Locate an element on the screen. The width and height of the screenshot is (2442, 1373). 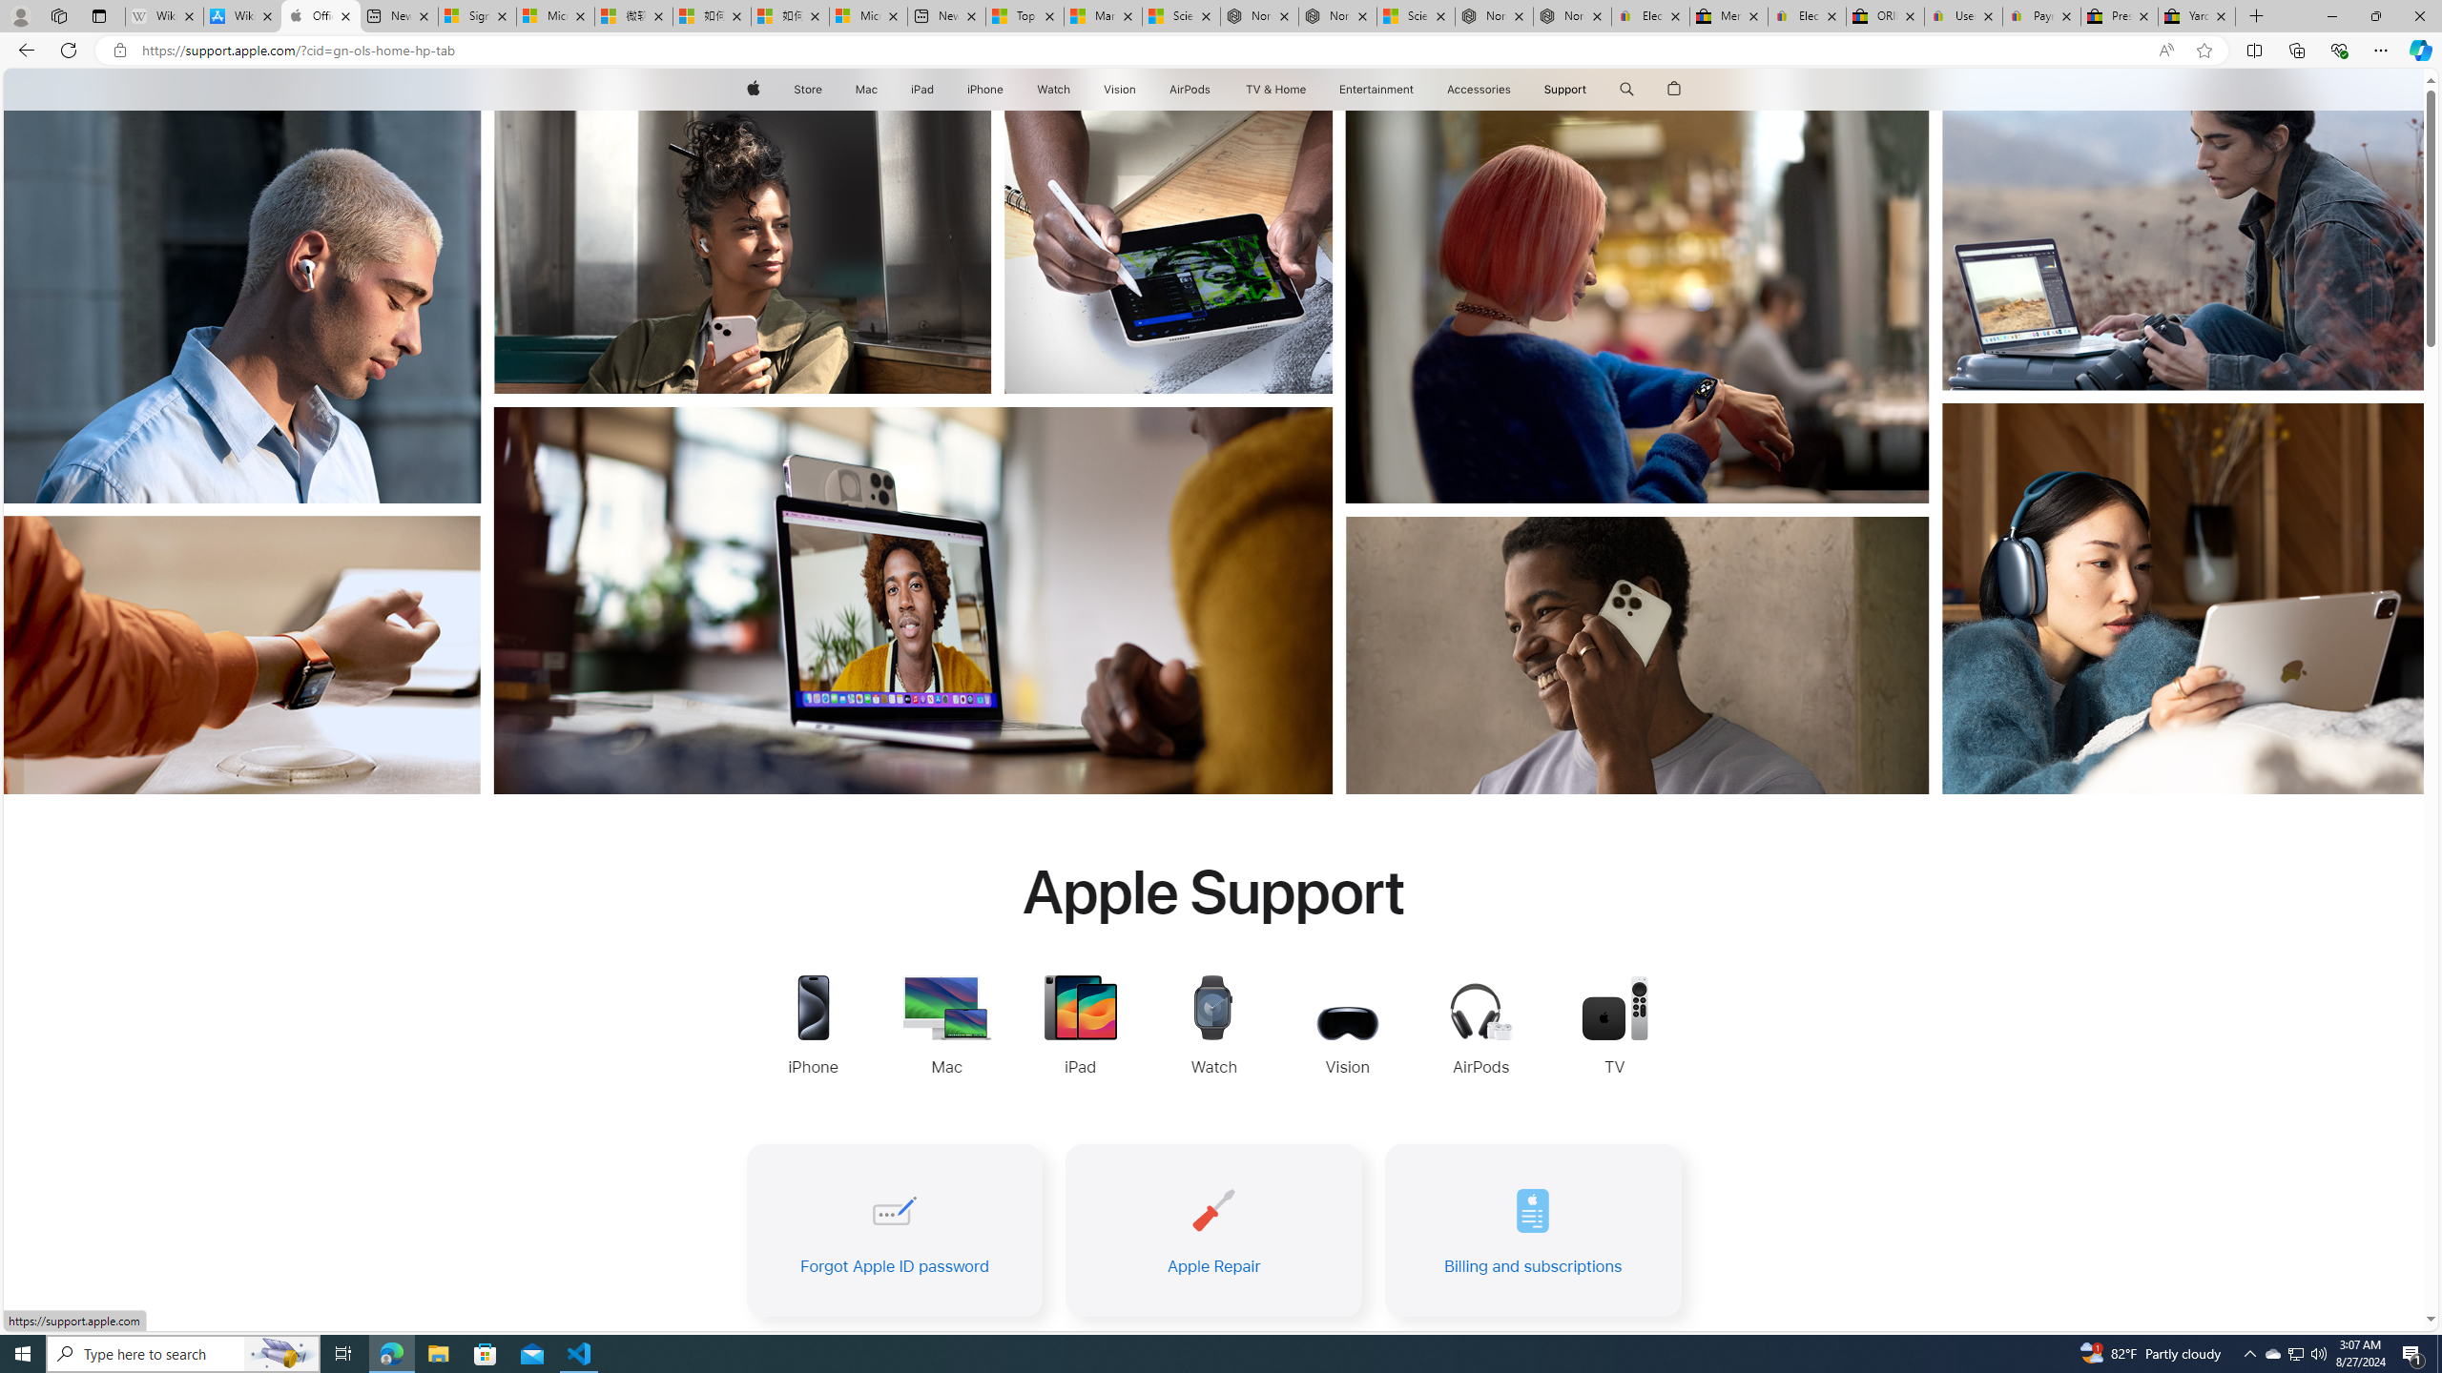
'Accessories menu' is located at coordinates (1514, 89).